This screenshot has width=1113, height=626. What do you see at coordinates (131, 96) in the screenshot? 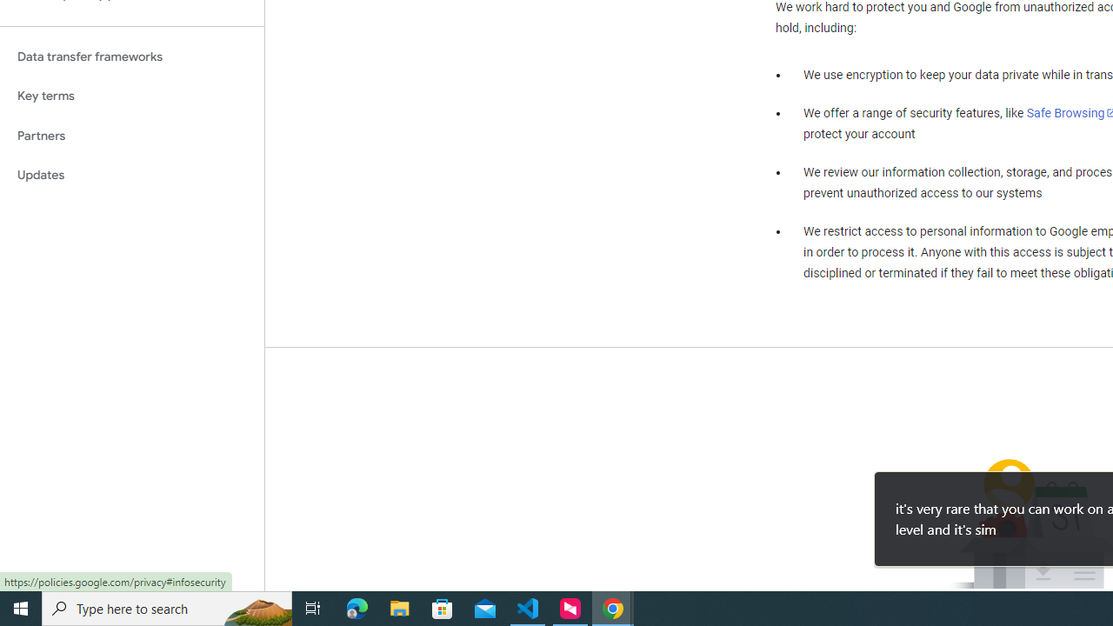
I see `'Key terms'` at bounding box center [131, 96].